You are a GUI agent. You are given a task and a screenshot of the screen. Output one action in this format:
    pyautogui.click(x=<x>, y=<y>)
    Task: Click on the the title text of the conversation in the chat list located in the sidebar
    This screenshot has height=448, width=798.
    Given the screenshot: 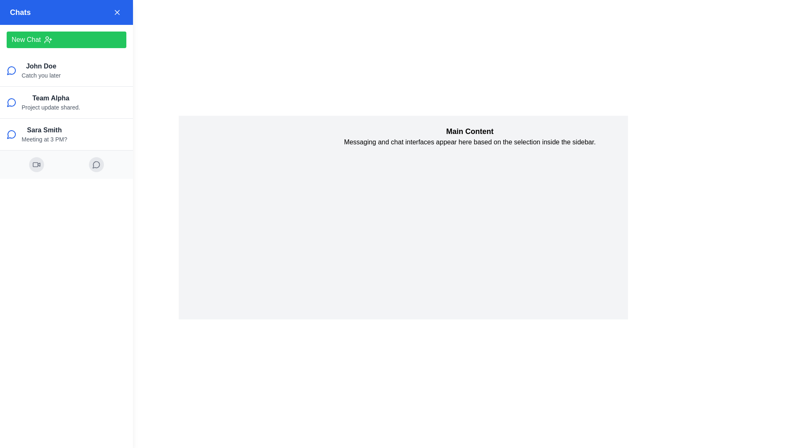 What is the action you would take?
    pyautogui.click(x=50, y=97)
    